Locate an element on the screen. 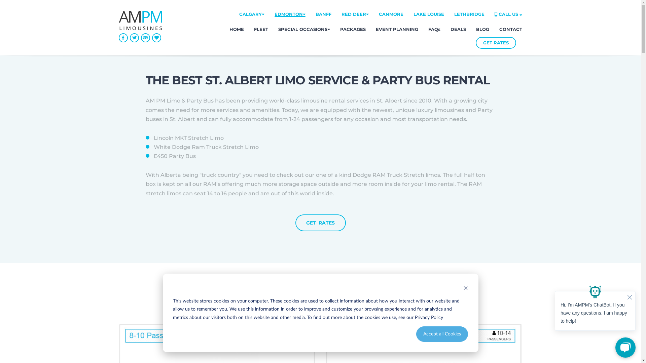 The width and height of the screenshot is (646, 363). 'GET RATES' is located at coordinates (475, 43).